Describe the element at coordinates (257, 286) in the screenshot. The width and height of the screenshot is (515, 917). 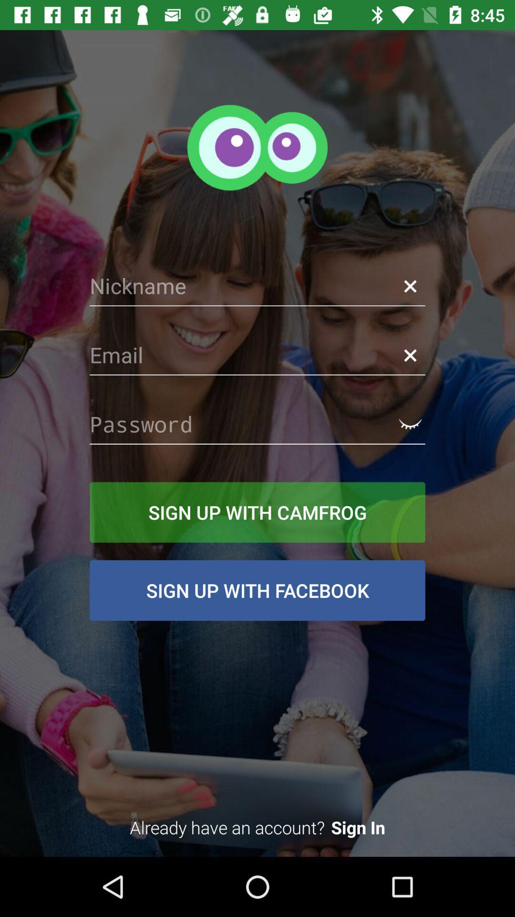
I see `name to prefer` at that location.